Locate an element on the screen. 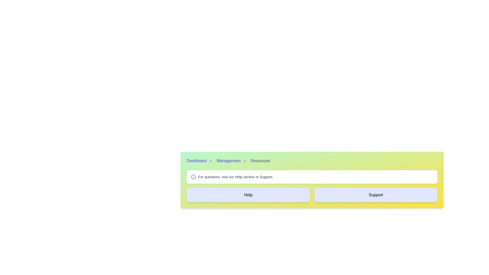  the text label reading 'Resources' in the breadcrumb navigation bar, which is gray in color and positioned after 'Dashboard' and 'Management' is located at coordinates (260, 161).